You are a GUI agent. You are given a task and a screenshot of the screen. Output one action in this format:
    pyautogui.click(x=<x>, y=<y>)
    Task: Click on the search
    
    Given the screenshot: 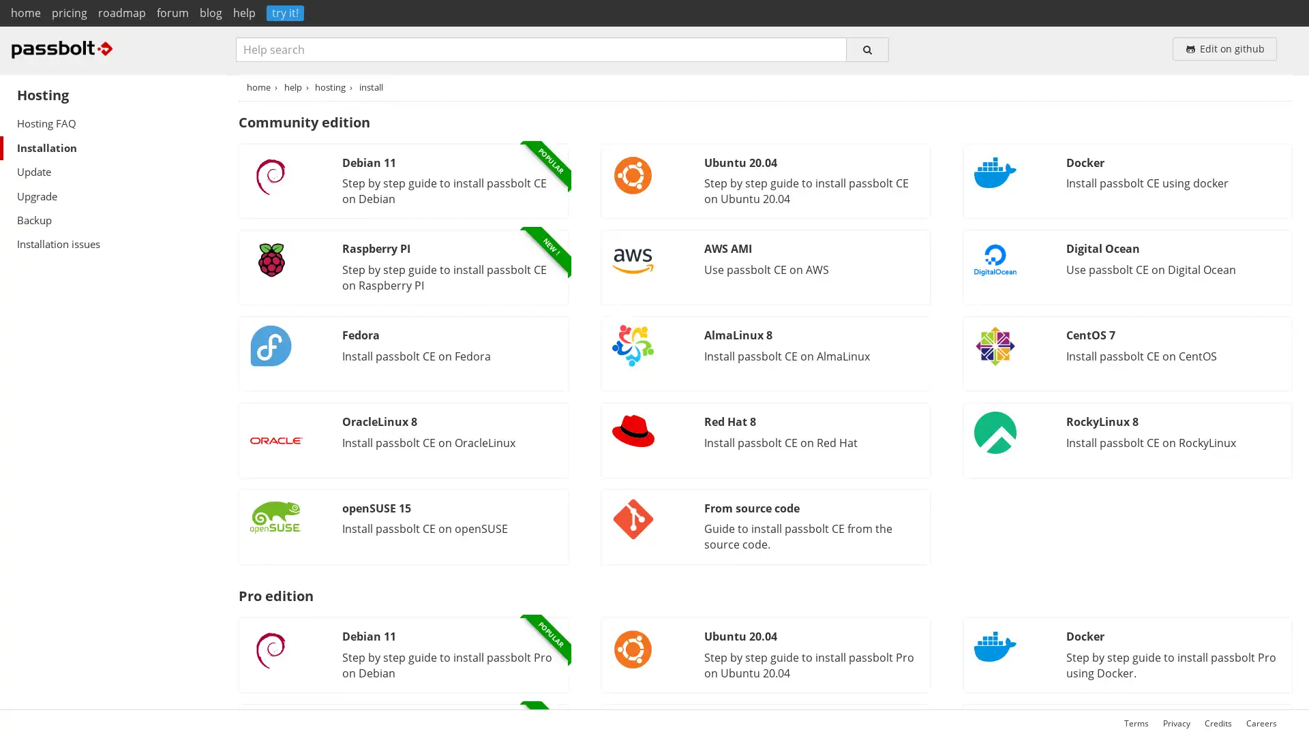 What is the action you would take?
    pyautogui.click(x=867, y=48)
    